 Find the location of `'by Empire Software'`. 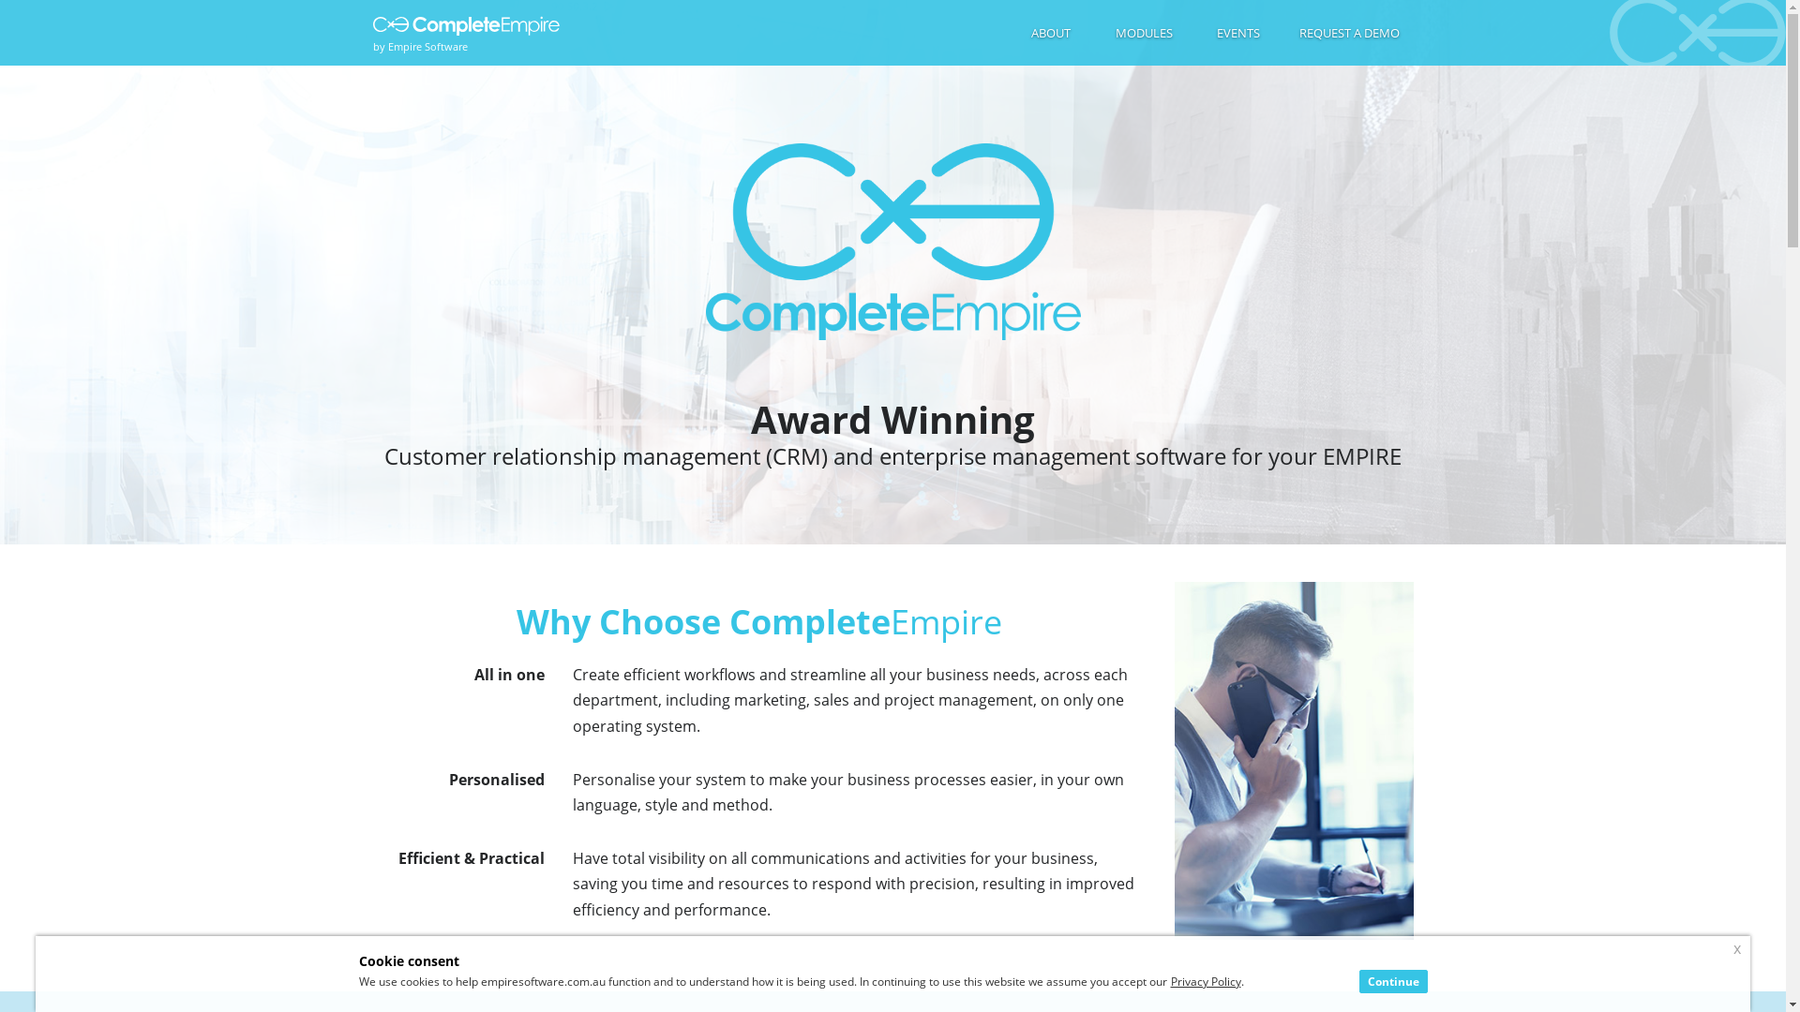

'by Empire Software' is located at coordinates (472, 33).